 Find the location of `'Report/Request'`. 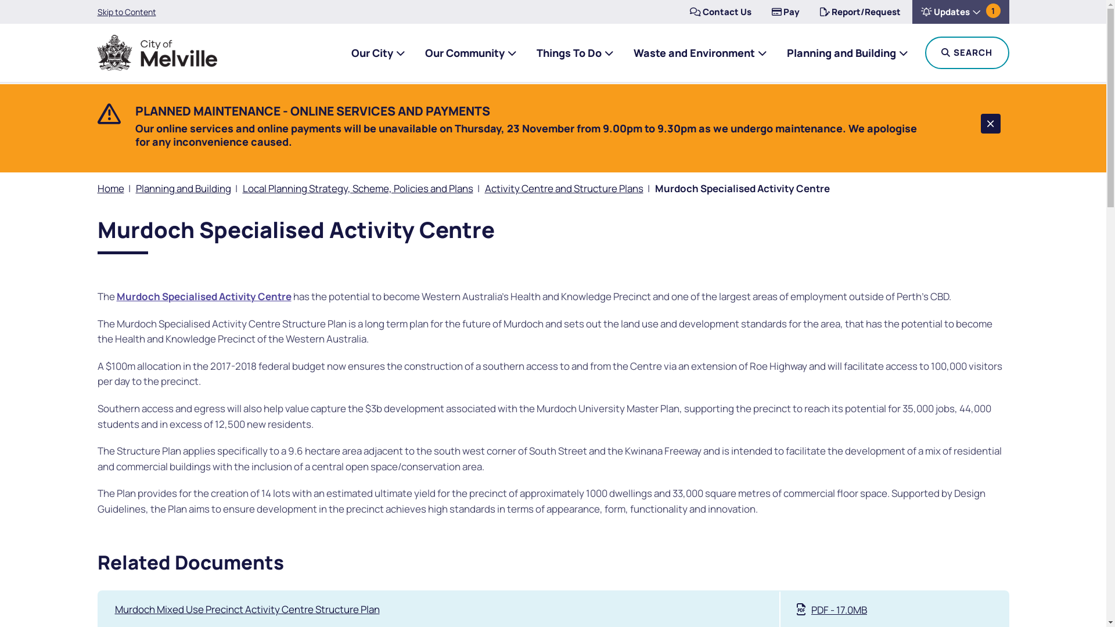

'Report/Request' is located at coordinates (810, 12).